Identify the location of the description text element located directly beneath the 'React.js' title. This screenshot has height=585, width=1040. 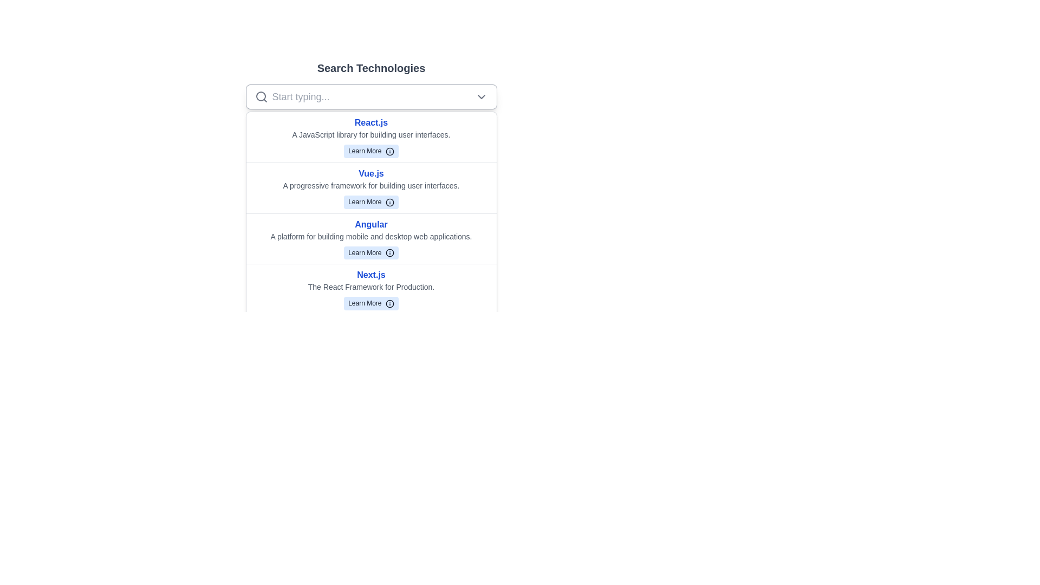
(371, 134).